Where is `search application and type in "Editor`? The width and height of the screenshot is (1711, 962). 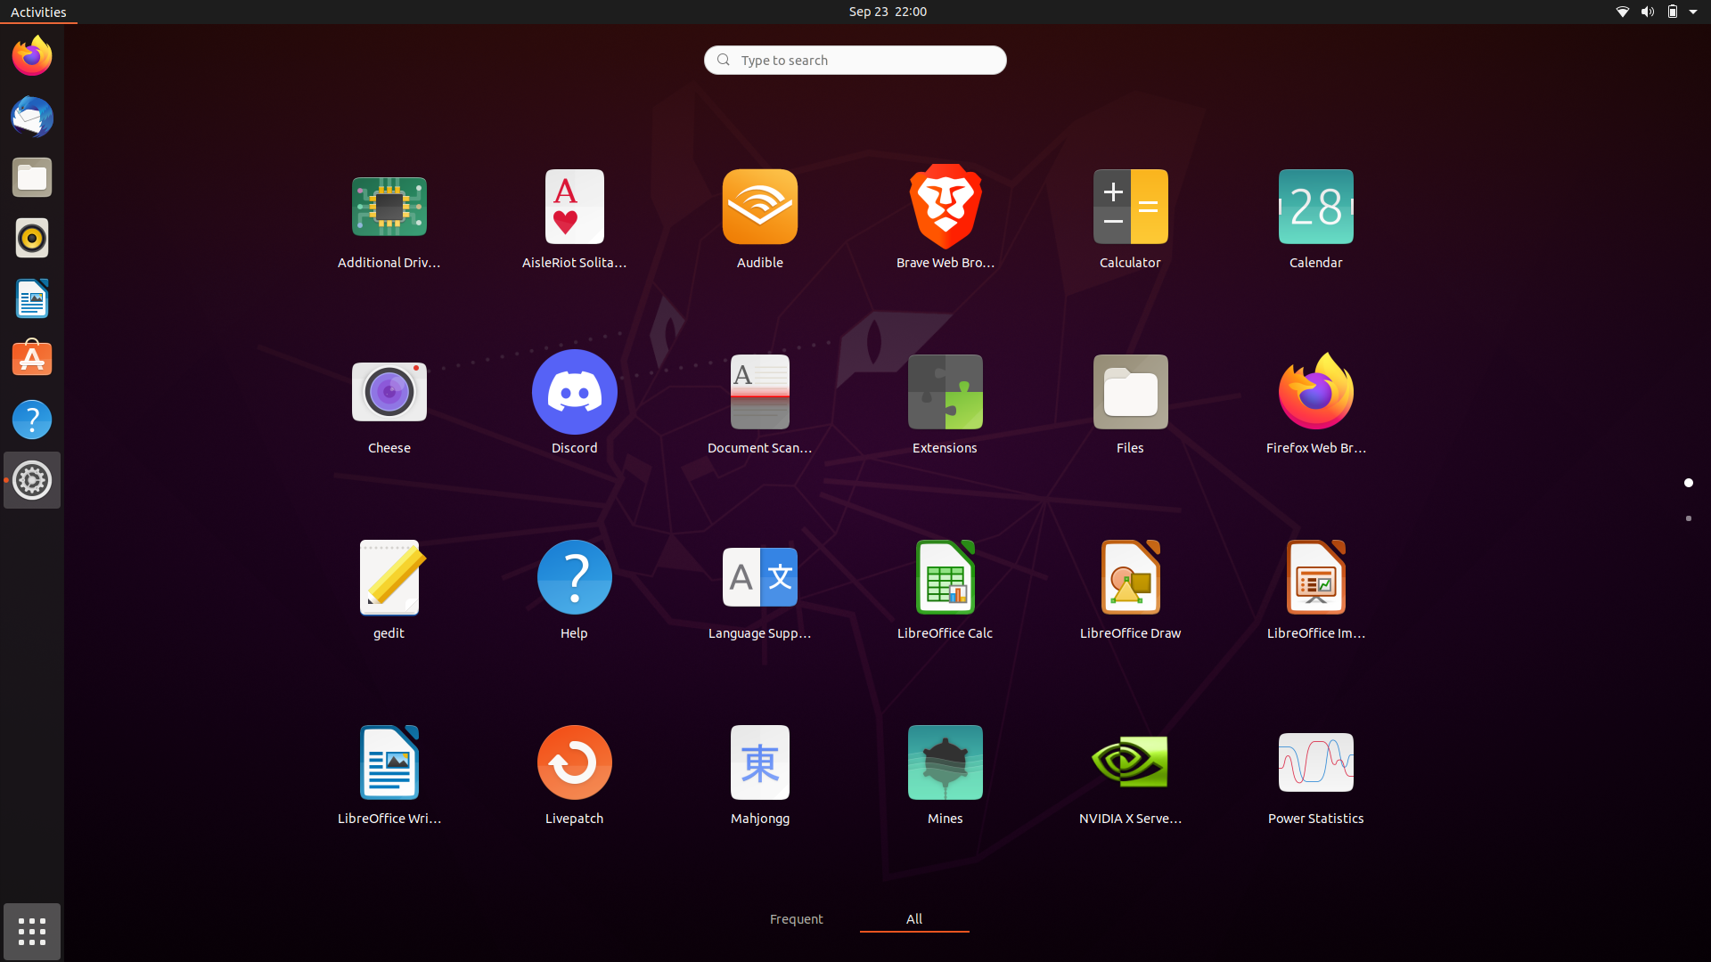
search application and type in "Editor is located at coordinates (854, 58).